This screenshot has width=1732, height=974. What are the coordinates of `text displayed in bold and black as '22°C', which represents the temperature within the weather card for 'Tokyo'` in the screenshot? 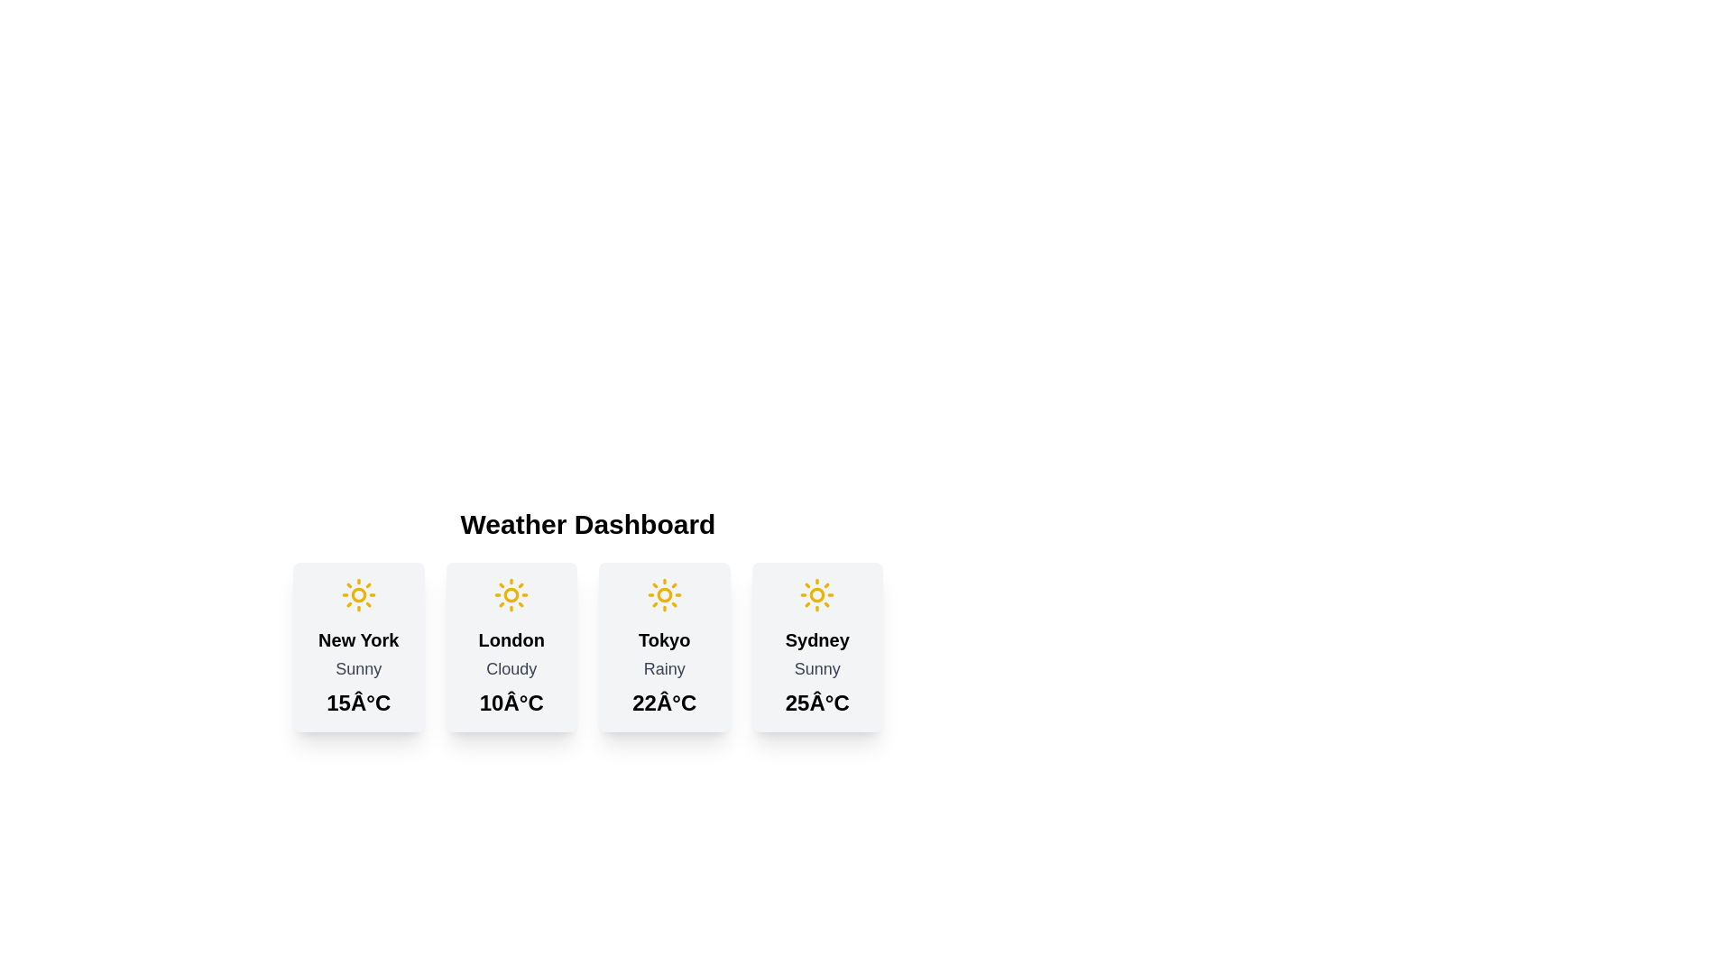 It's located at (663, 702).